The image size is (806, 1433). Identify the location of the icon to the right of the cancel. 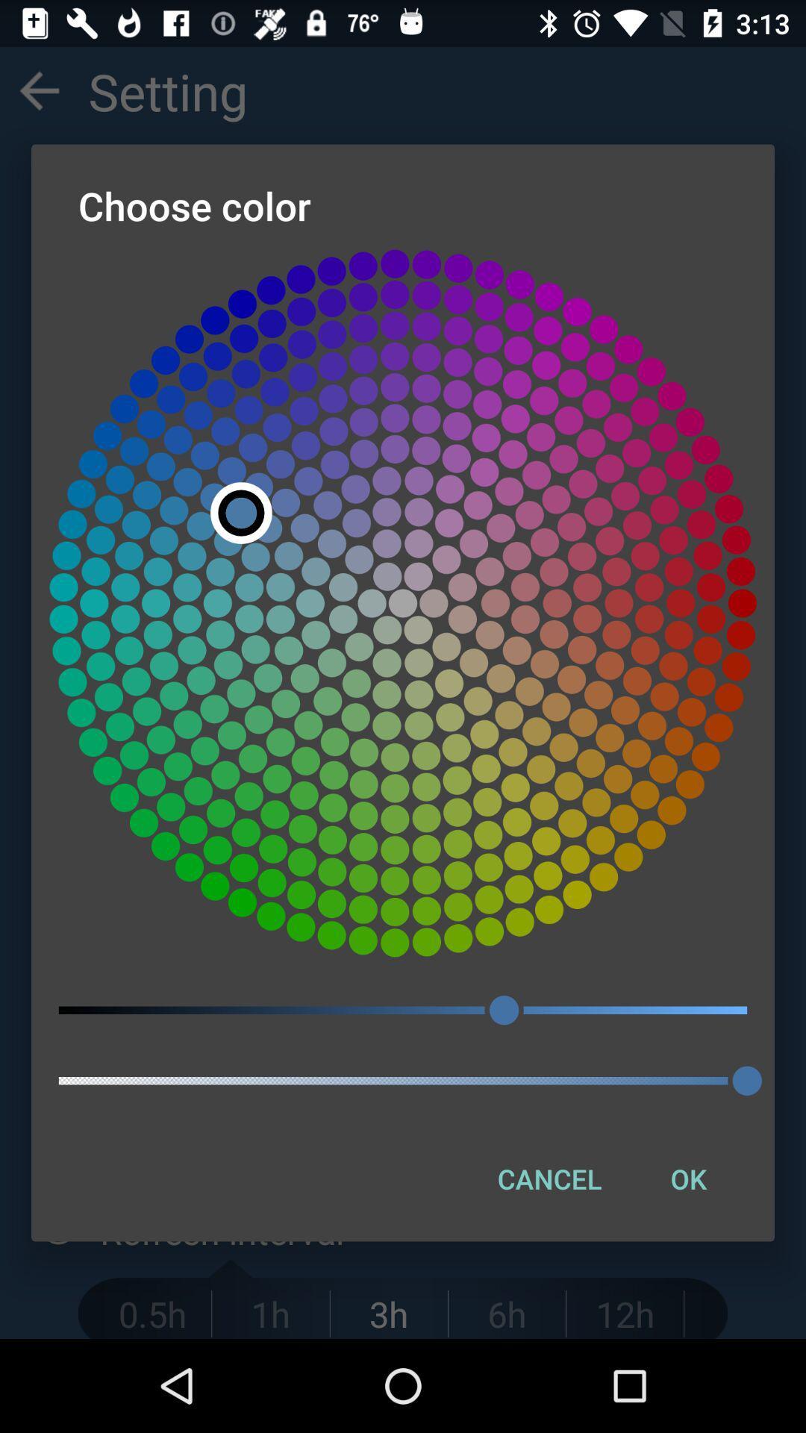
(688, 1178).